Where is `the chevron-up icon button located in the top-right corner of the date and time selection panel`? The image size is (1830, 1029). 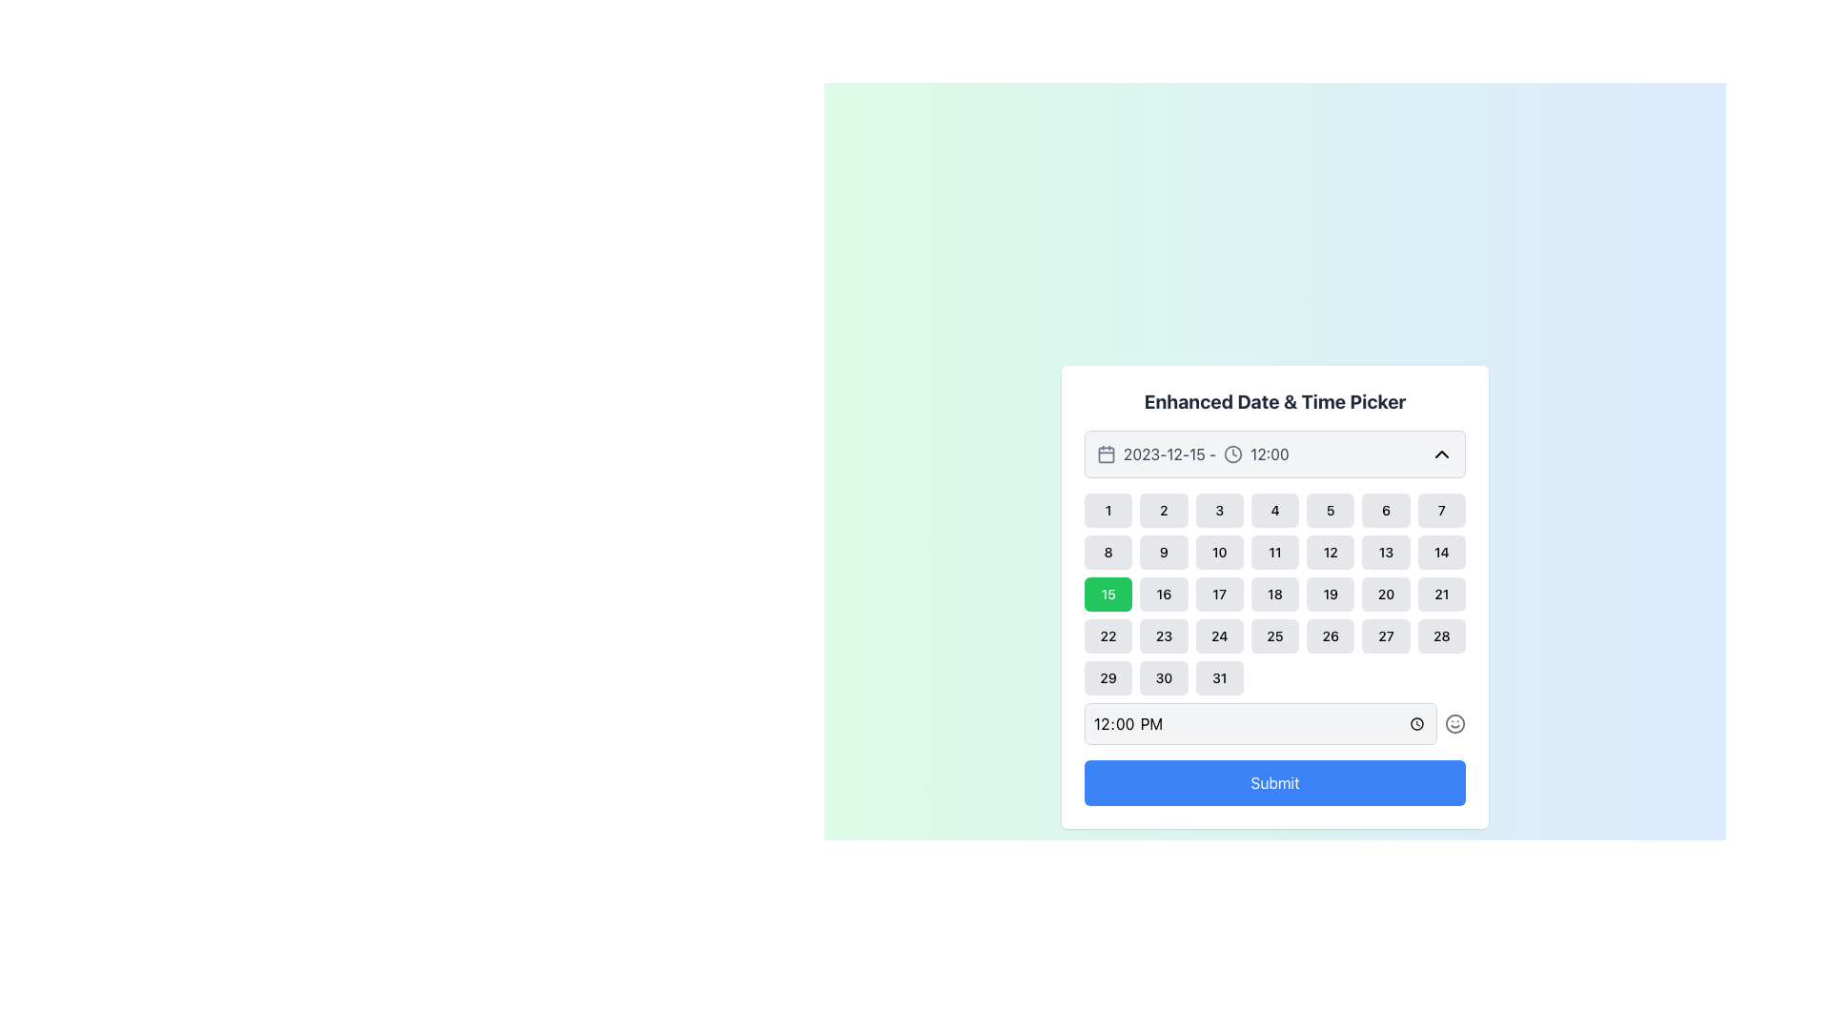
the chevron-up icon button located in the top-right corner of the date and time selection panel is located at coordinates (1441, 454).